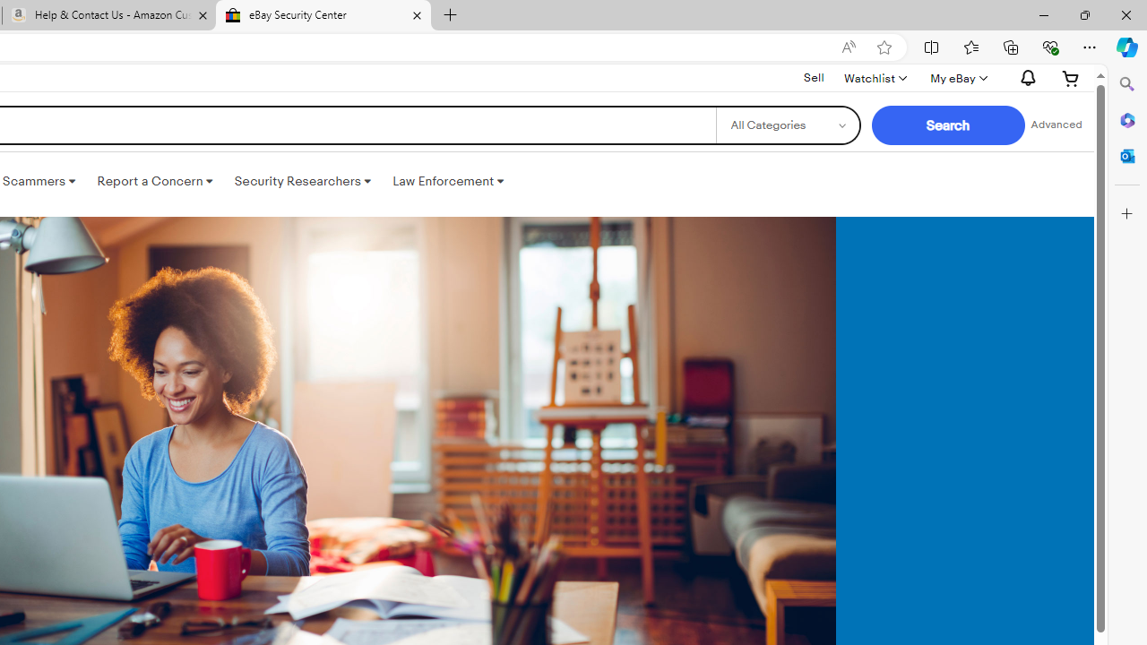  Describe the element at coordinates (1056, 125) in the screenshot. I see `'Advanced Search'` at that location.